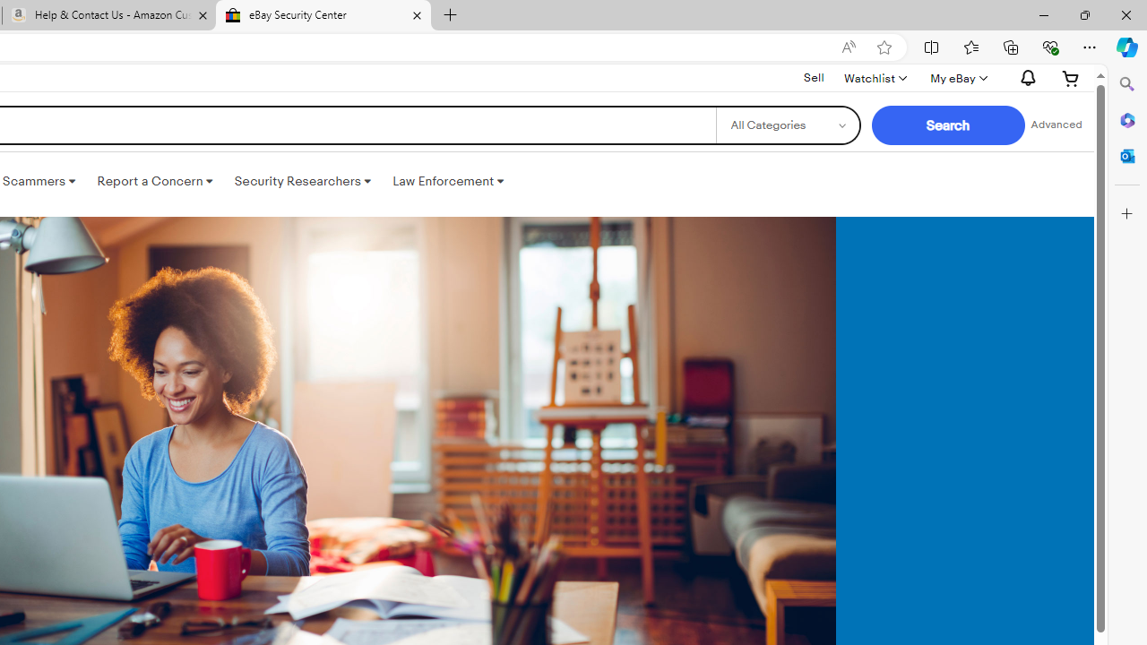  Describe the element at coordinates (1056, 125) in the screenshot. I see `'Advanced Search'` at that location.